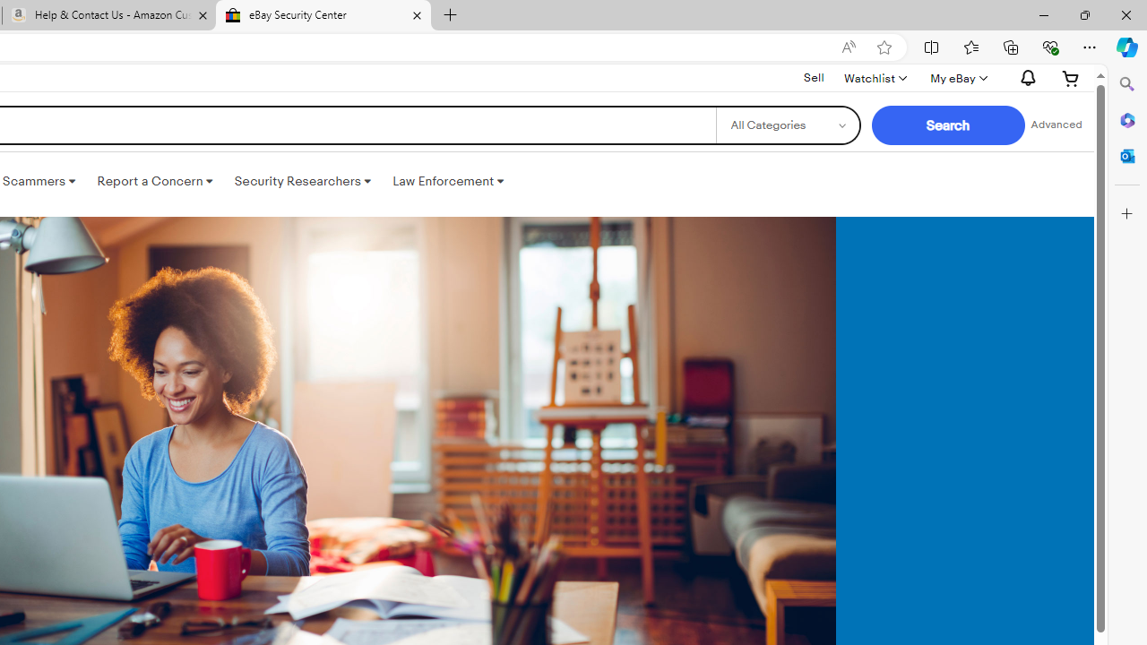  Describe the element at coordinates (1056, 125) in the screenshot. I see `'Advanced Search'` at that location.